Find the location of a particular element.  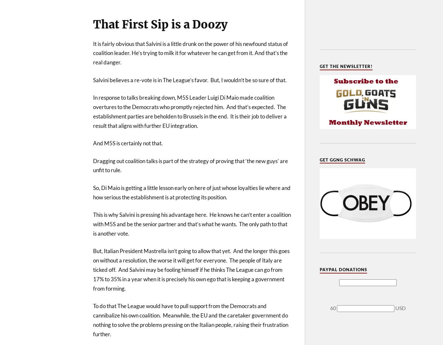

'That First Sip is a Doozy' is located at coordinates (160, 24).